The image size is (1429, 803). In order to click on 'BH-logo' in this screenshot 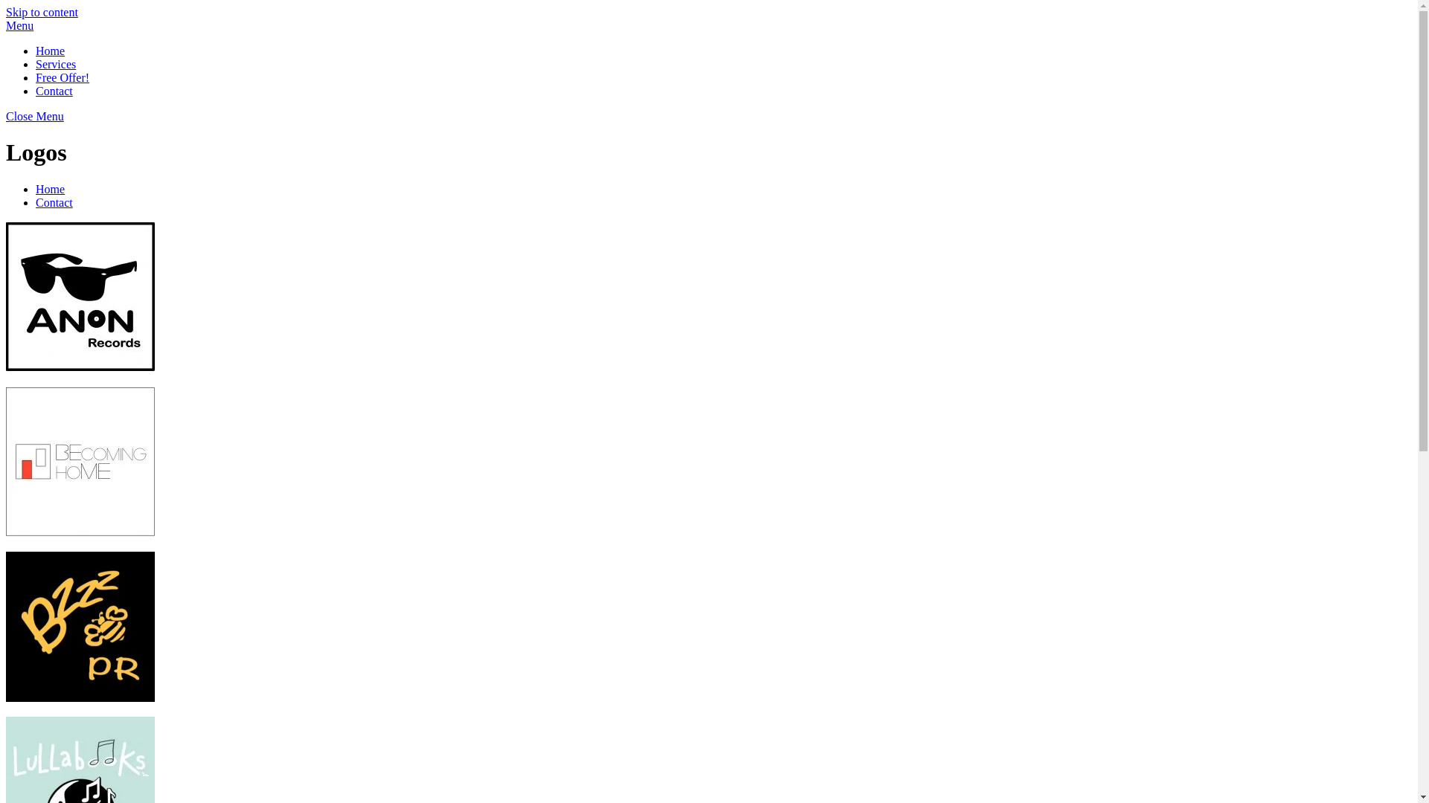, I will do `click(80, 461)`.